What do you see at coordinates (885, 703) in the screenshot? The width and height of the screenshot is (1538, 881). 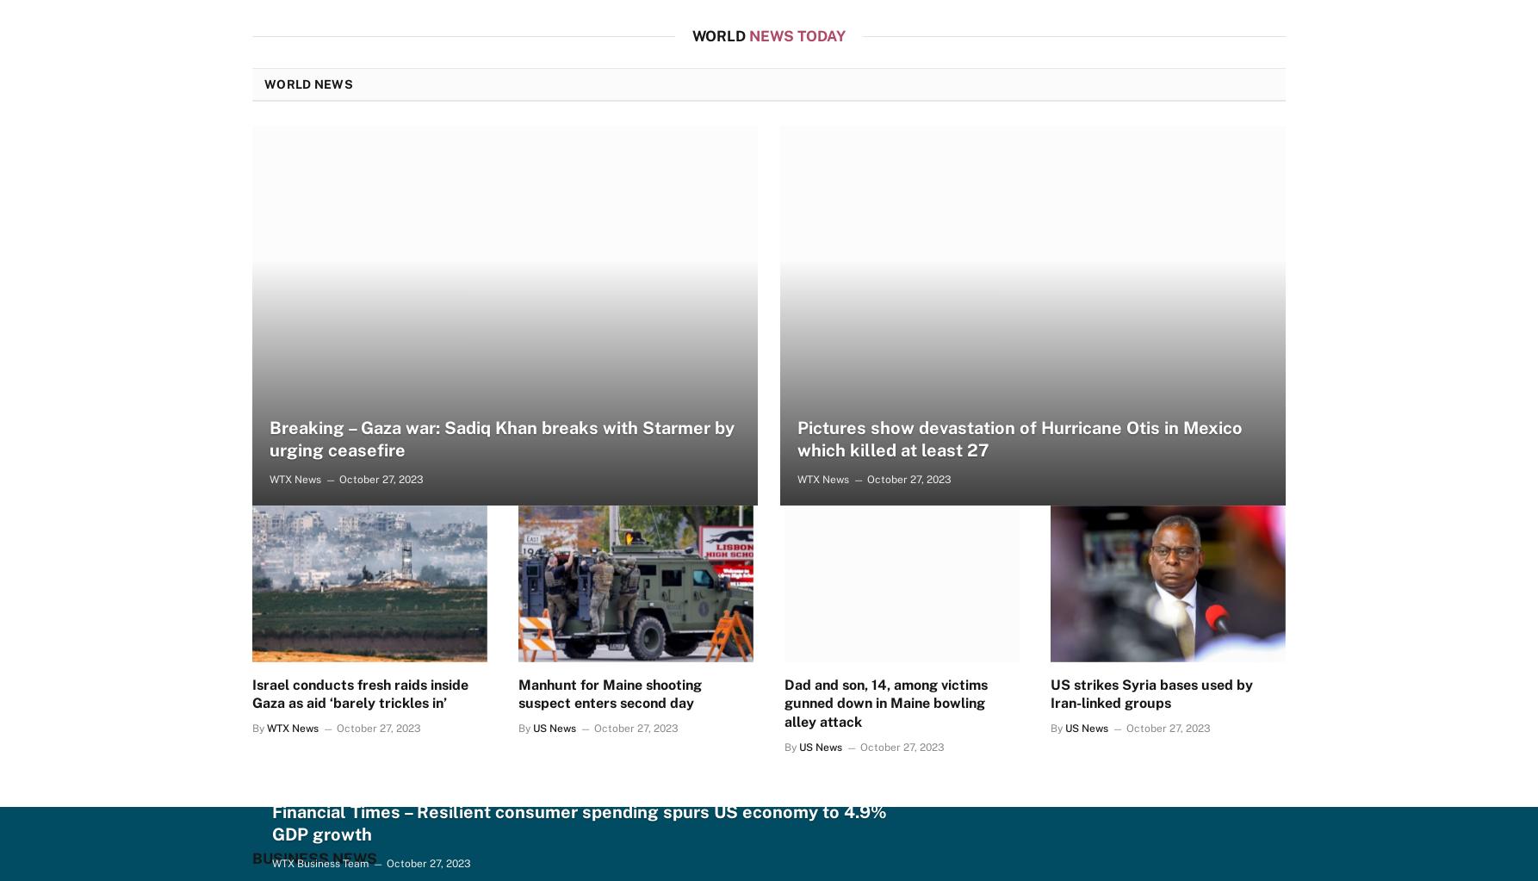 I see `'Dad and son, 14, among victims gunned down in Maine bowling alley attack'` at bounding box center [885, 703].